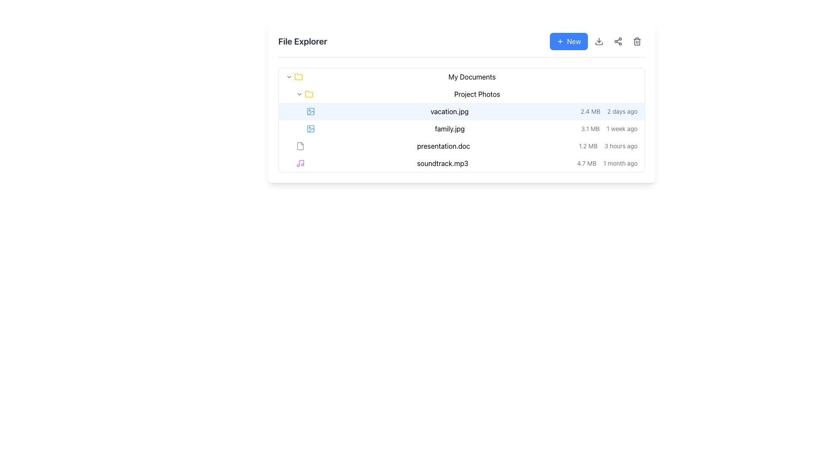 The image size is (830, 467). I want to click on the rounded square SVG graphic element indicating the 'vacation.jpg' file in the file explorer, so click(311, 128).